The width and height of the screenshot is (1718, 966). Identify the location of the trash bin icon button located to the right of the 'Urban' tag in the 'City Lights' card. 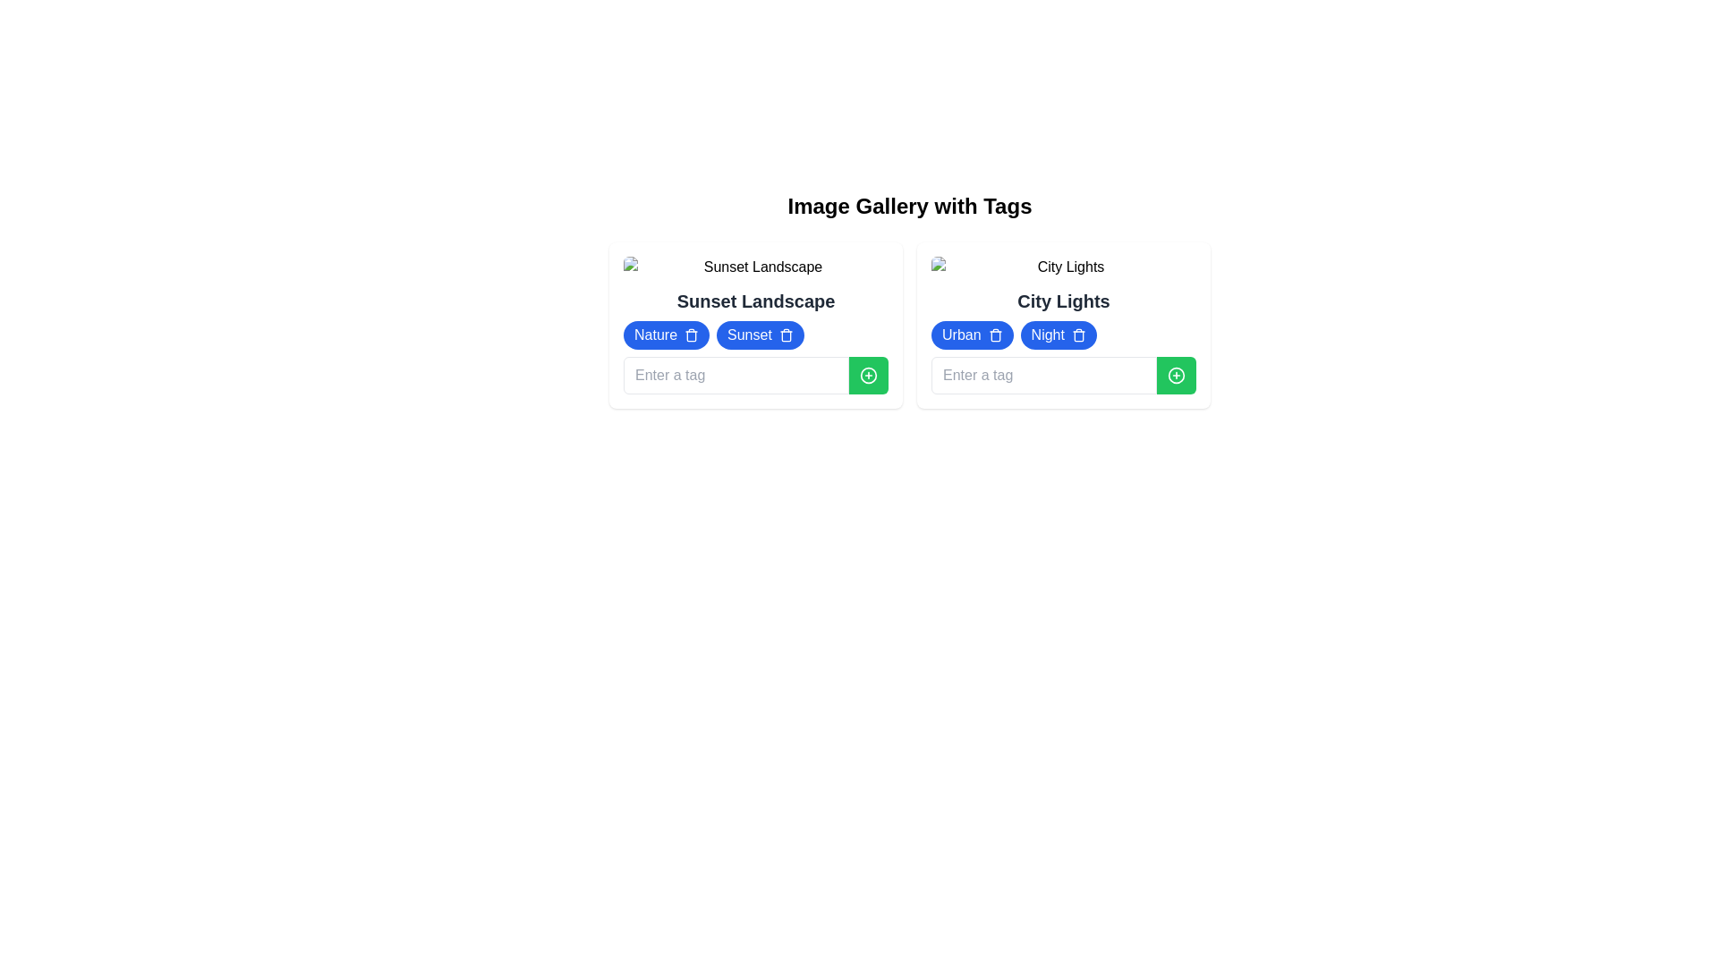
(994, 335).